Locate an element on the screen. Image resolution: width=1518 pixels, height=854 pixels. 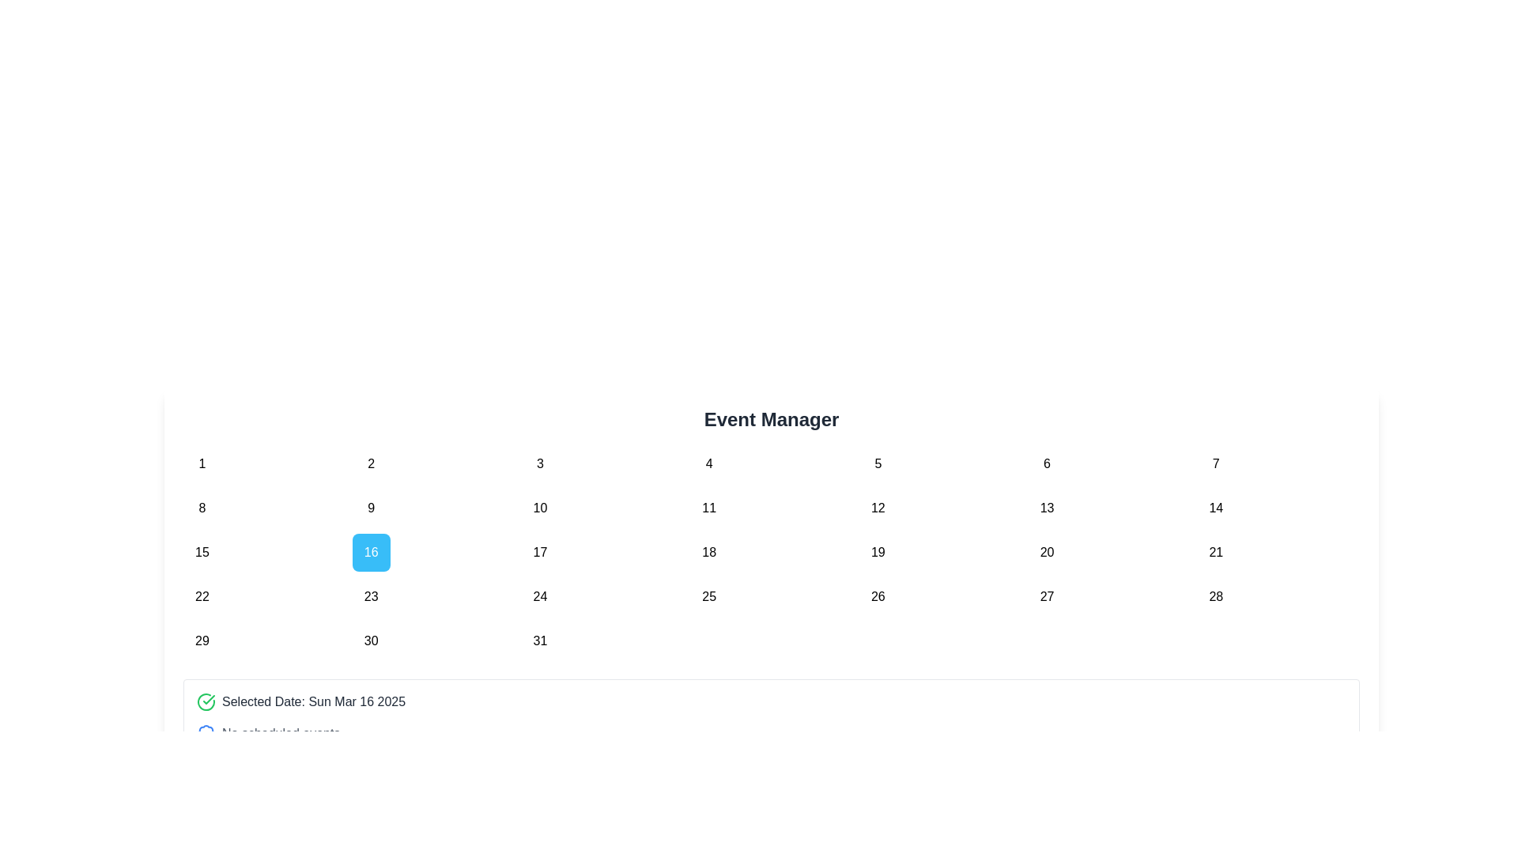
the first button in the calendar grid is located at coordinates (201, 463).